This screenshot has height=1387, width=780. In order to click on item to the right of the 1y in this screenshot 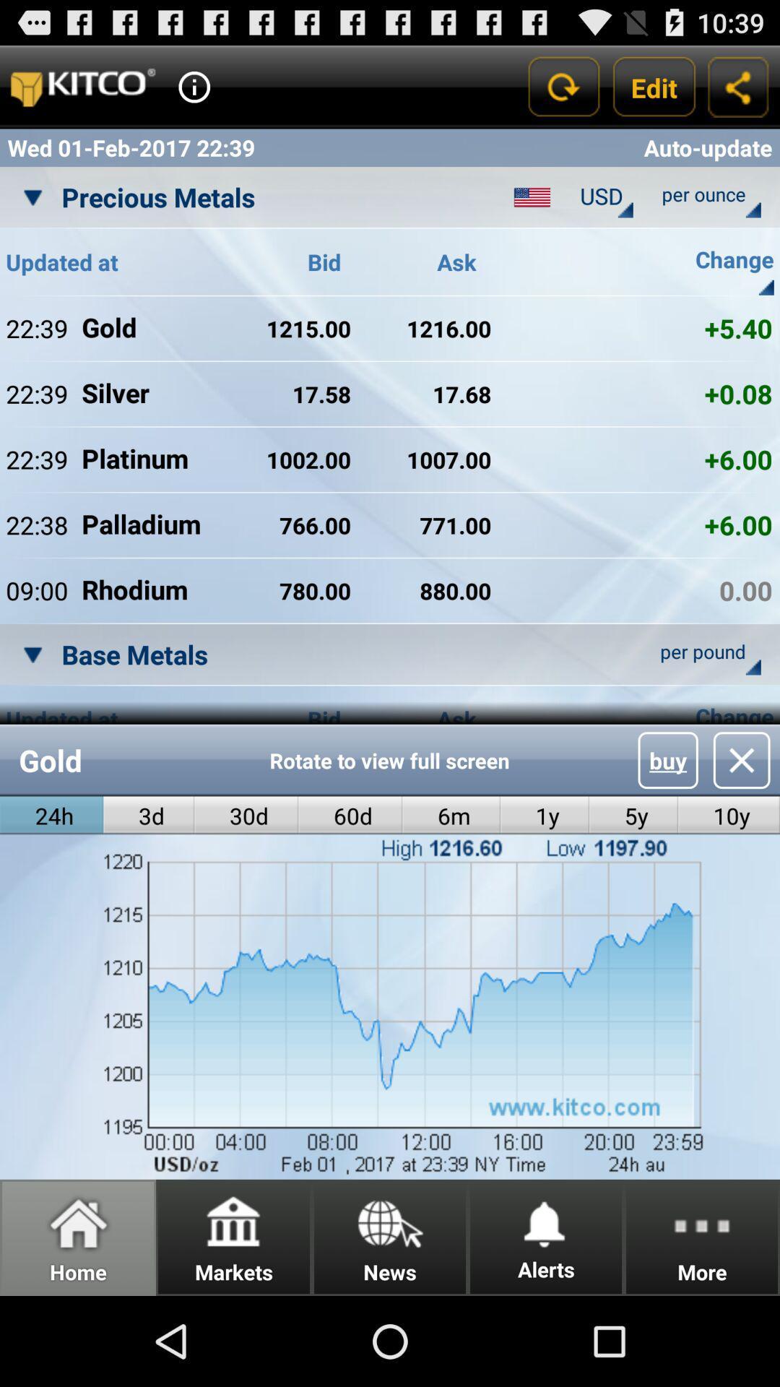, I will do `click(633, 816)`.